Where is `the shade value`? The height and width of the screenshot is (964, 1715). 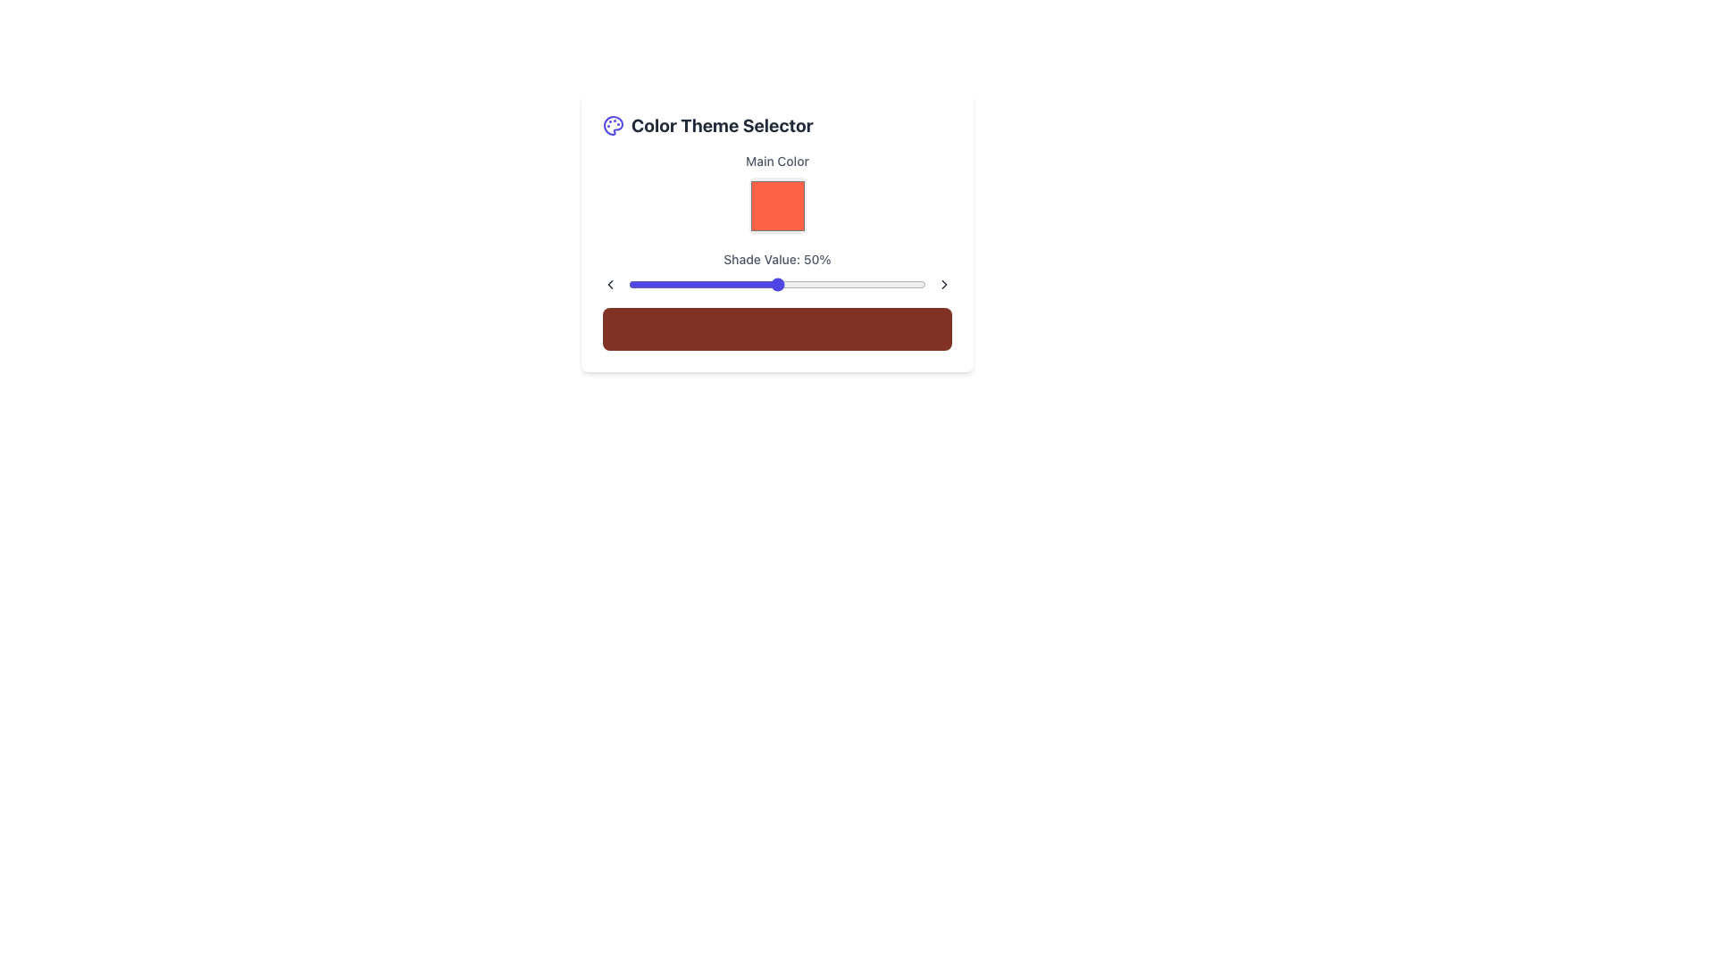
the shade value is located at coordinates (664, 284).